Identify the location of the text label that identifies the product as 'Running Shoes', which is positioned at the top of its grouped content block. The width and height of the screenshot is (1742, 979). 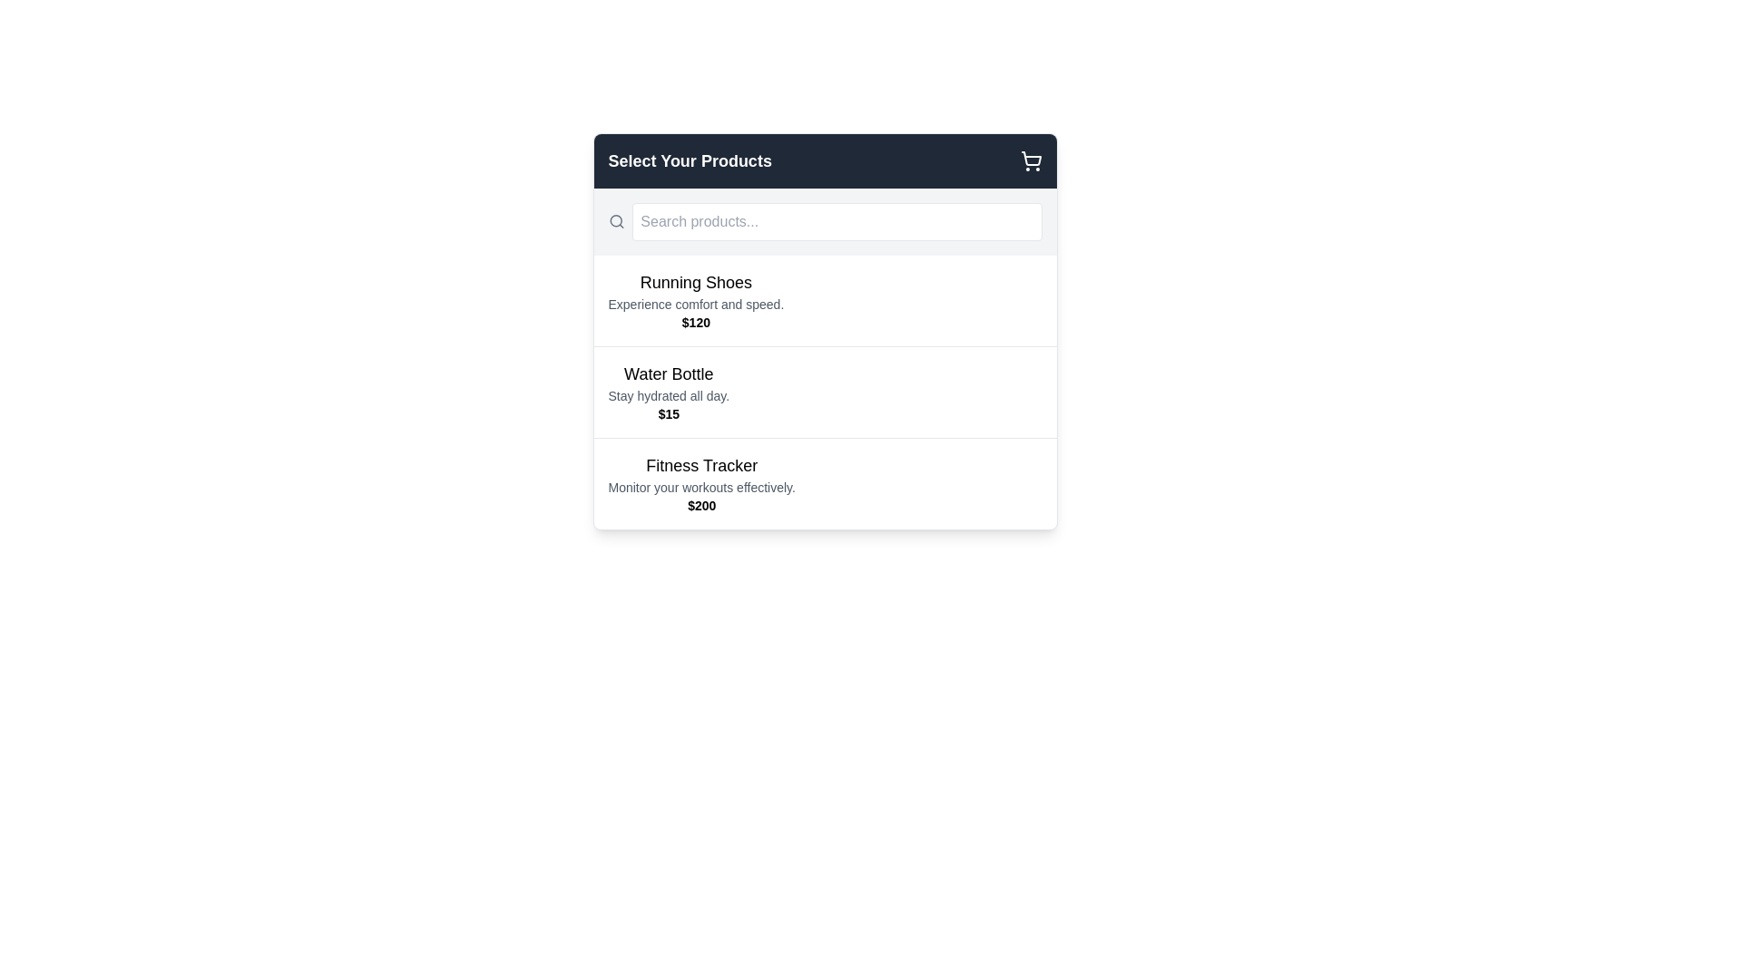
(695, 283).